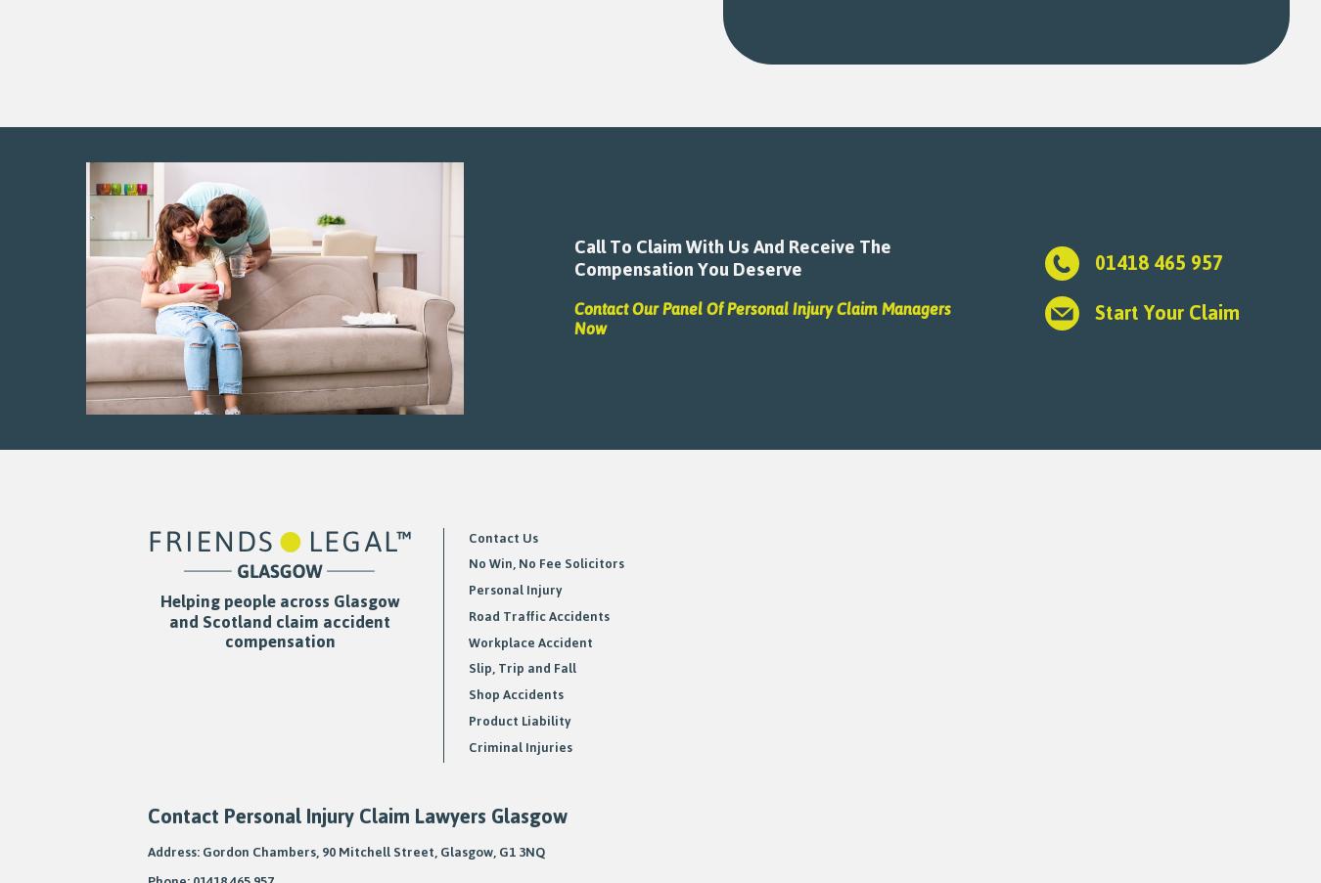 This screenshot has height=883, width=1321. What do you see at coordinates (537, 614) in the screenshot?
I see `'Road Traffic Accidents'` at bounding box center [537, 614].